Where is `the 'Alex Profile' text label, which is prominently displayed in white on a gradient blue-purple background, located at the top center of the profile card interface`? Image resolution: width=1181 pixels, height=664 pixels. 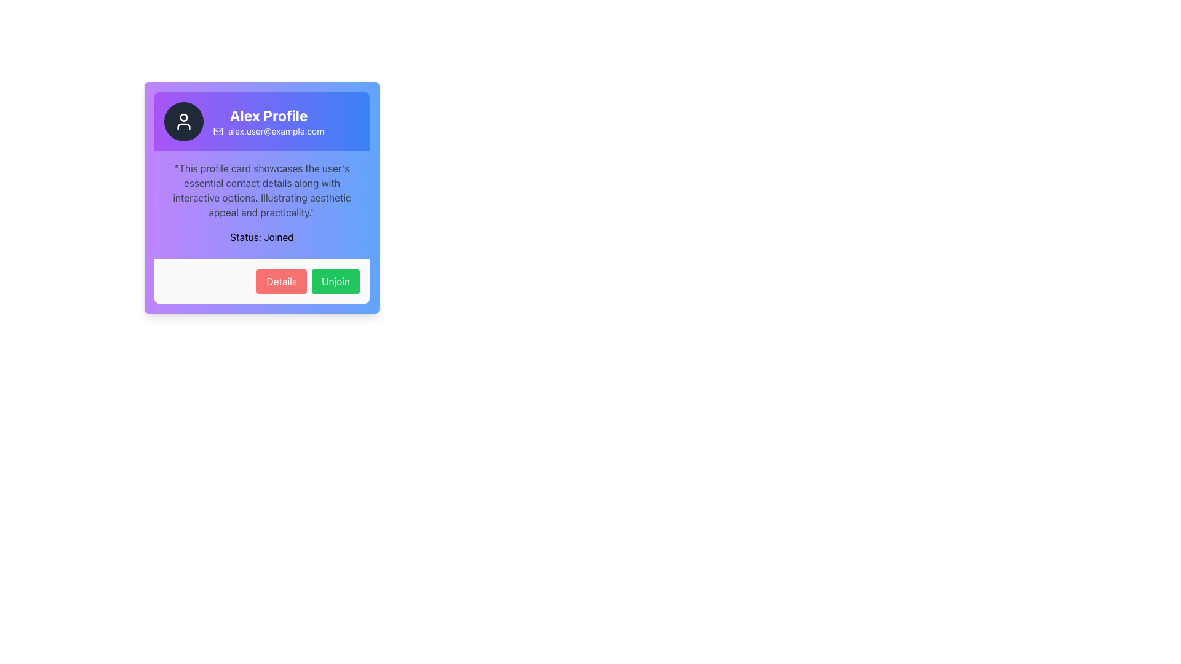 the 'Alex Profile' text label, which is prominently displayed in white on a gradient blue-purple background, located at the top center of the profile card interface is located at coordinates (268, 116).